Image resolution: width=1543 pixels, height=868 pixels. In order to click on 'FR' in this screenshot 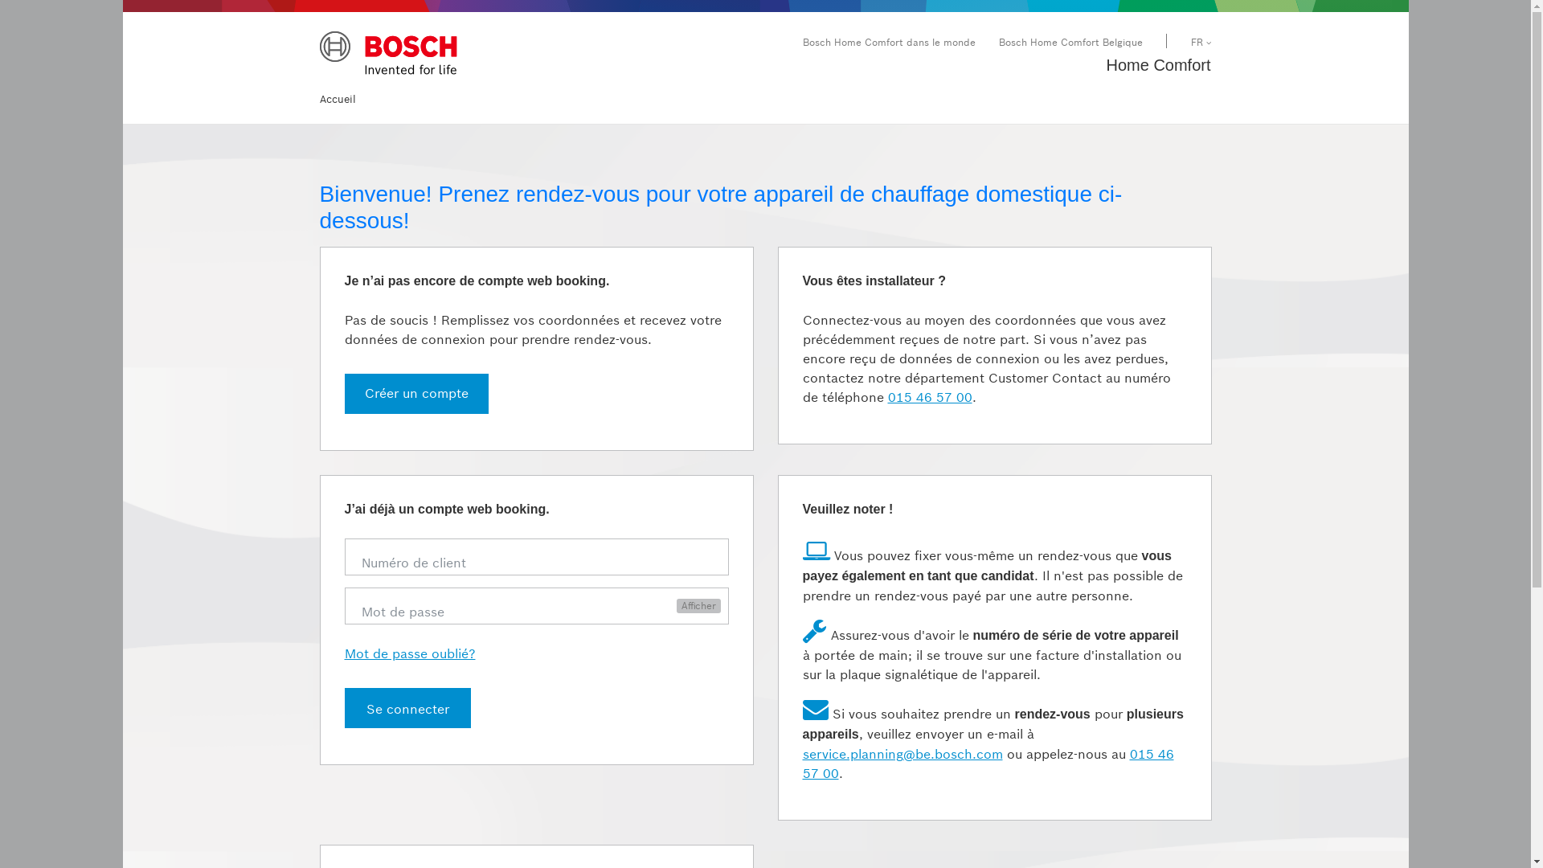, I will do `click(1201, 41)`.